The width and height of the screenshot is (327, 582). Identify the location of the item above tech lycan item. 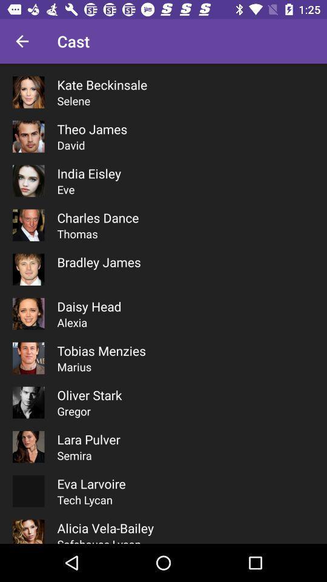
(91, 484).